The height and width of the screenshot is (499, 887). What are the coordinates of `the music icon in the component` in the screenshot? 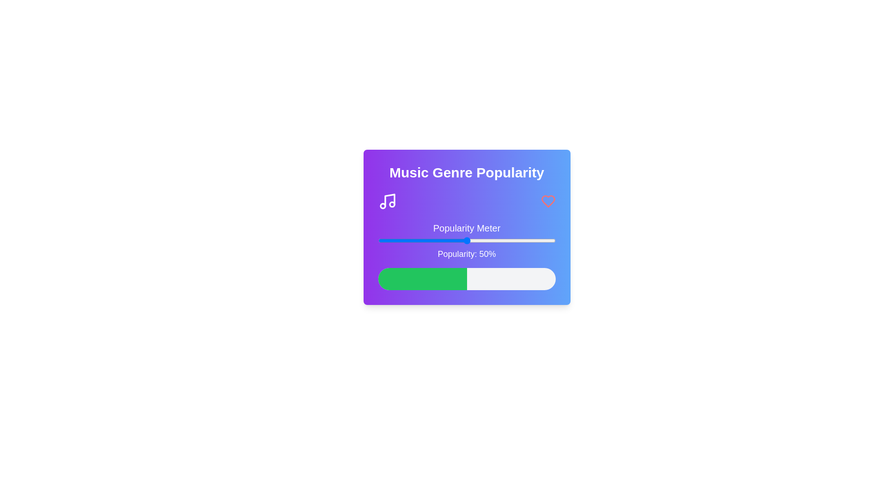 It's located at (387, 201).